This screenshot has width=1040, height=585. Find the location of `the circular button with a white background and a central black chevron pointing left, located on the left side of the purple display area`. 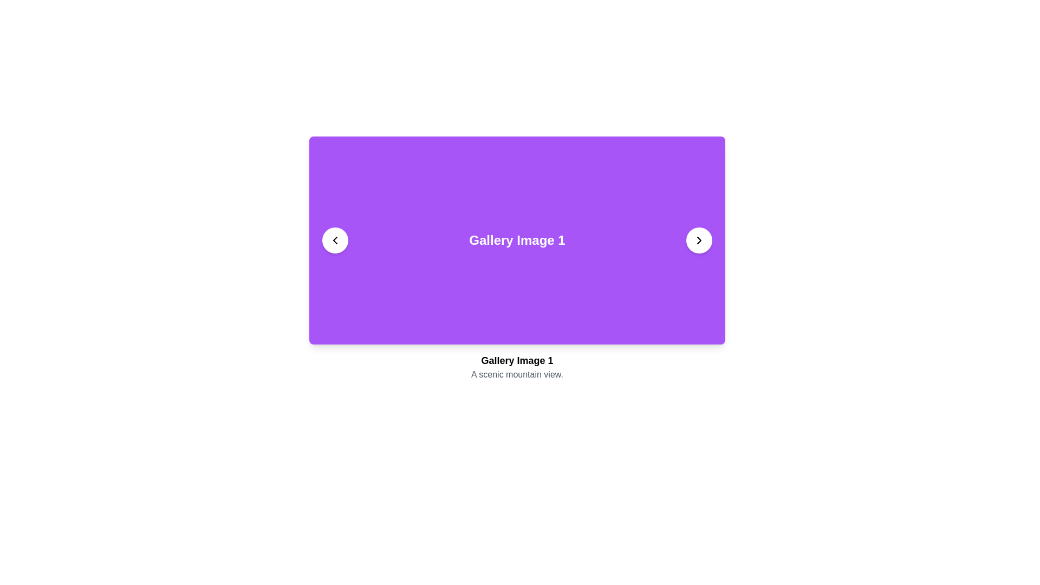

the circular button with a white background and a central black chevron pointing left, located on the left side of the purple display area is located at coordinates (335, 239).